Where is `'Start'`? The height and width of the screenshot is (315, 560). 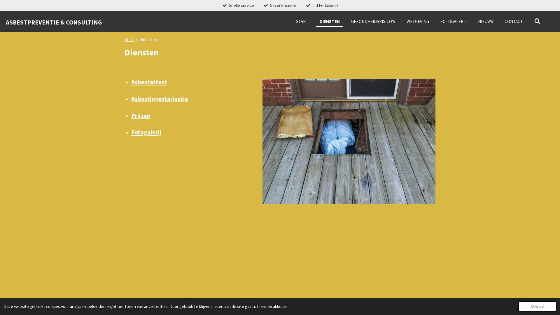
'Start' is located at coordinates (129, 39).